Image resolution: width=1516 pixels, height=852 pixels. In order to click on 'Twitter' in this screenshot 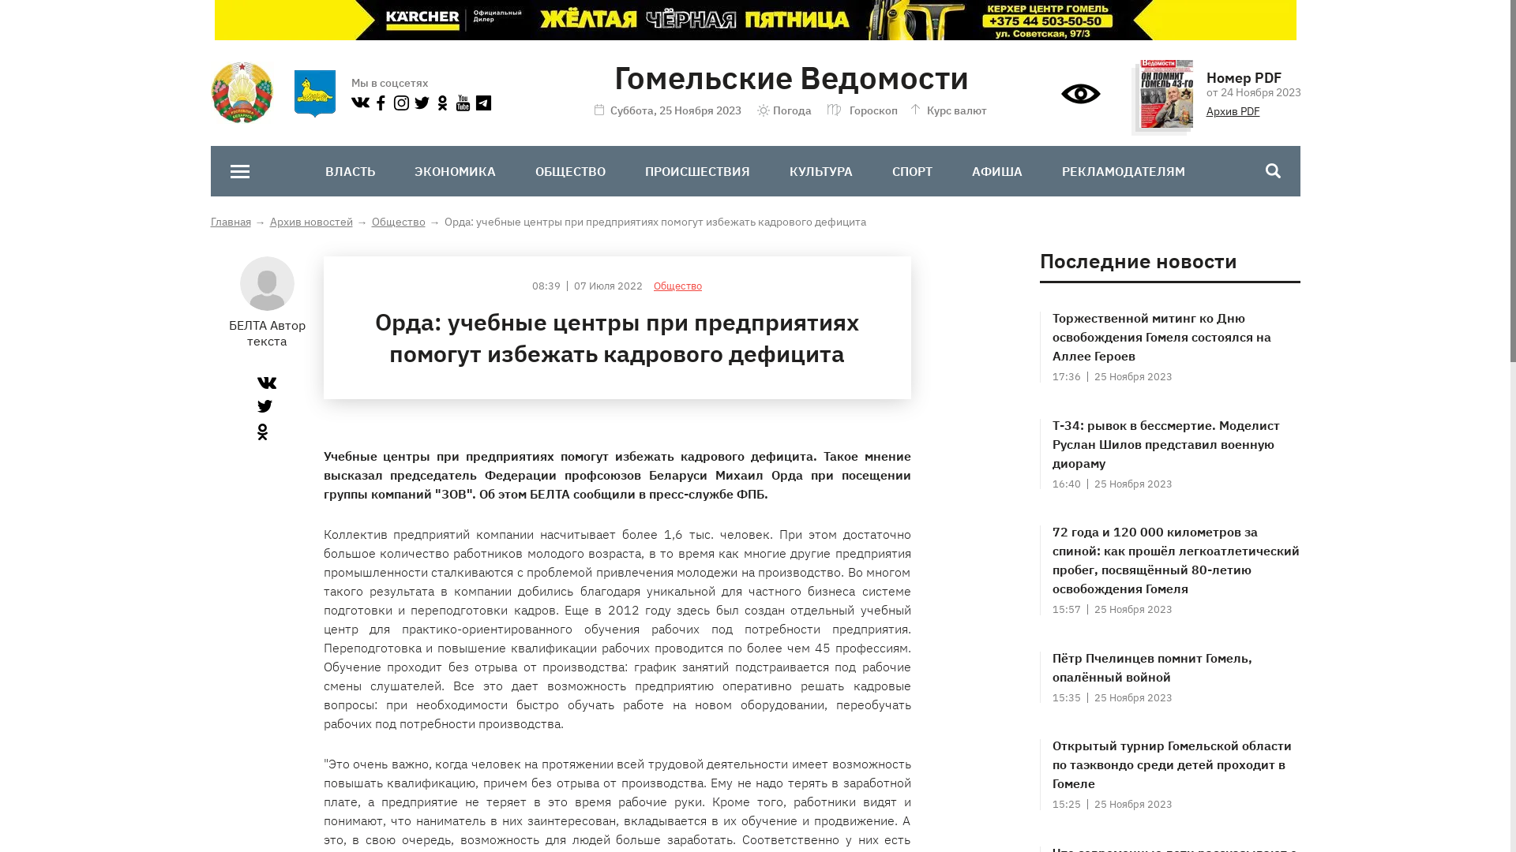, I will do `click(257, 405)`.